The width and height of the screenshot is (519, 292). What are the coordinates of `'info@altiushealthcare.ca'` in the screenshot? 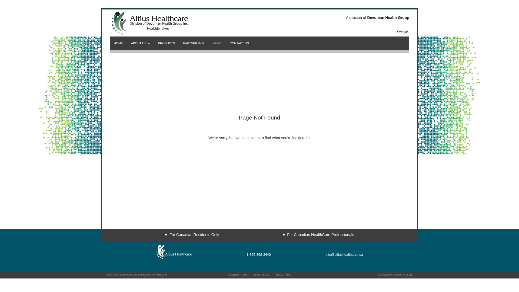 It's located at (344, 254).